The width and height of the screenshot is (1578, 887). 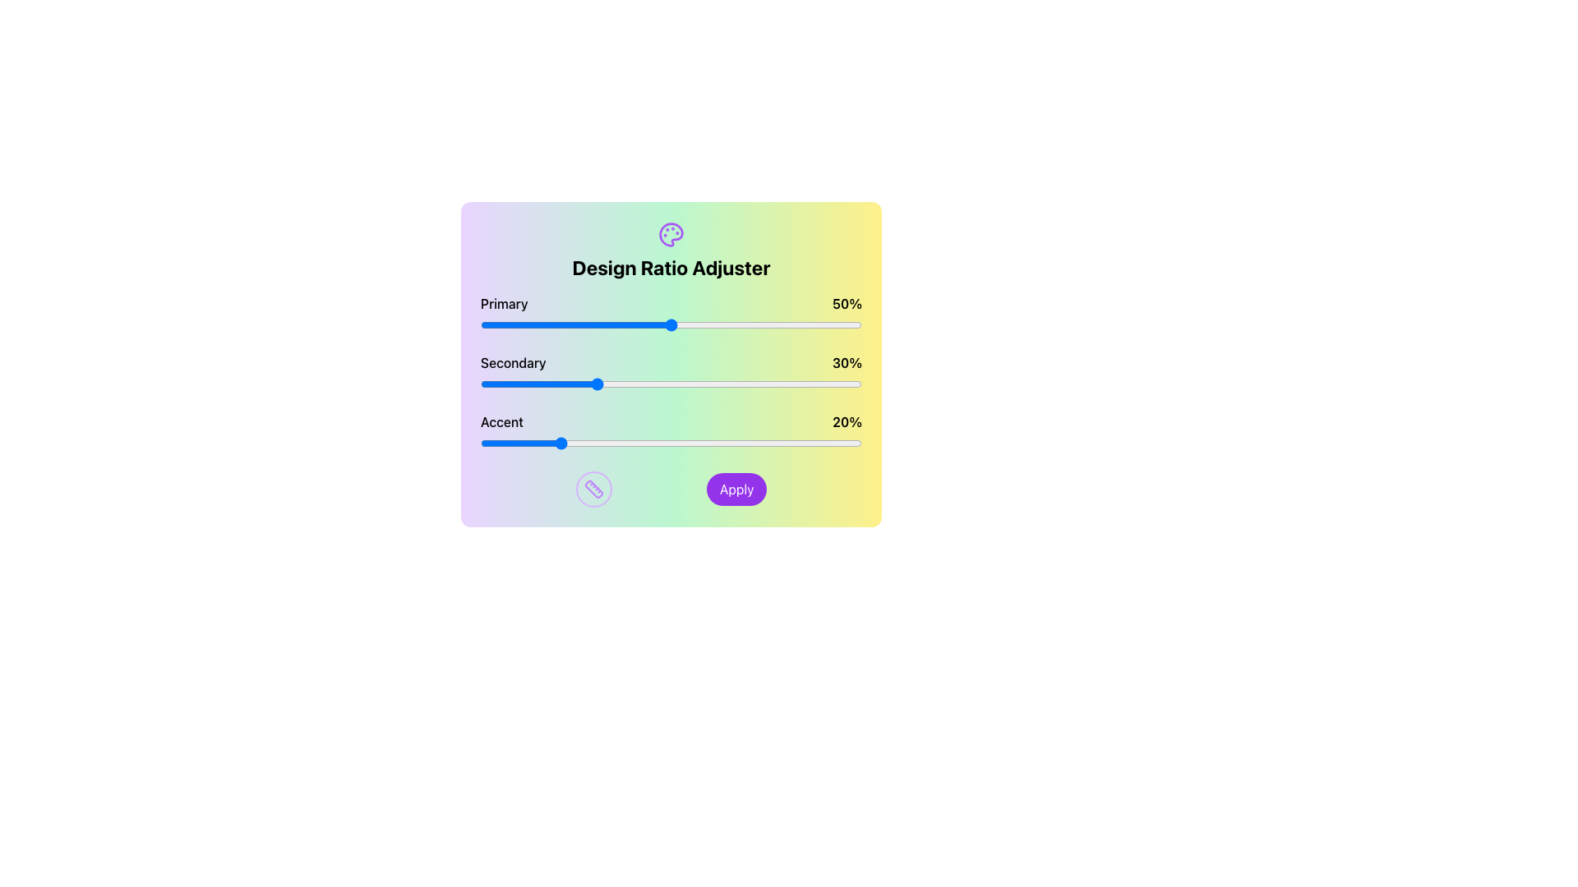 I want to click on the accent ratio slider, so click(x=828, y=443).